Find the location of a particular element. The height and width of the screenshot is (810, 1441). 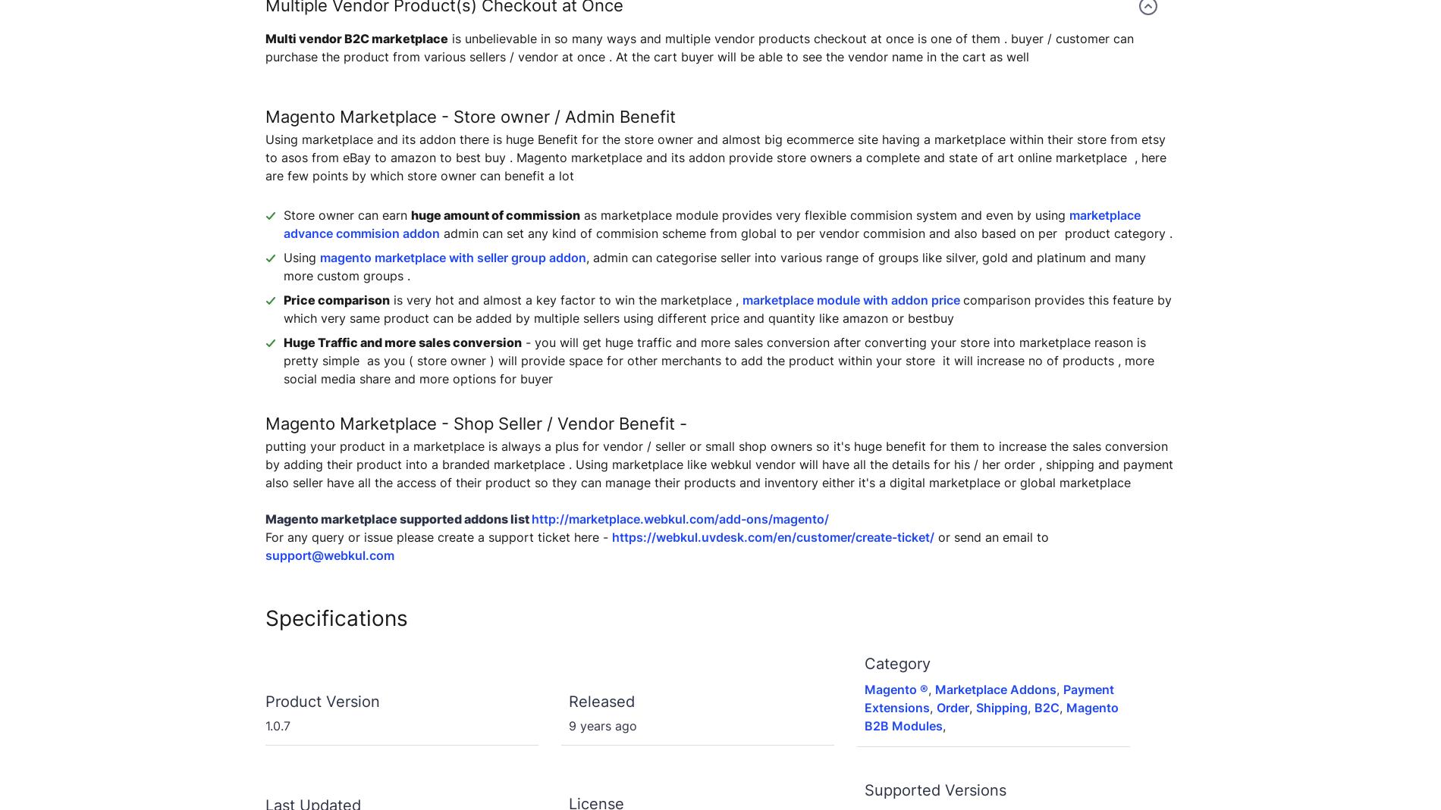

'Store owner can earn' is located at coordinates (282, 214).